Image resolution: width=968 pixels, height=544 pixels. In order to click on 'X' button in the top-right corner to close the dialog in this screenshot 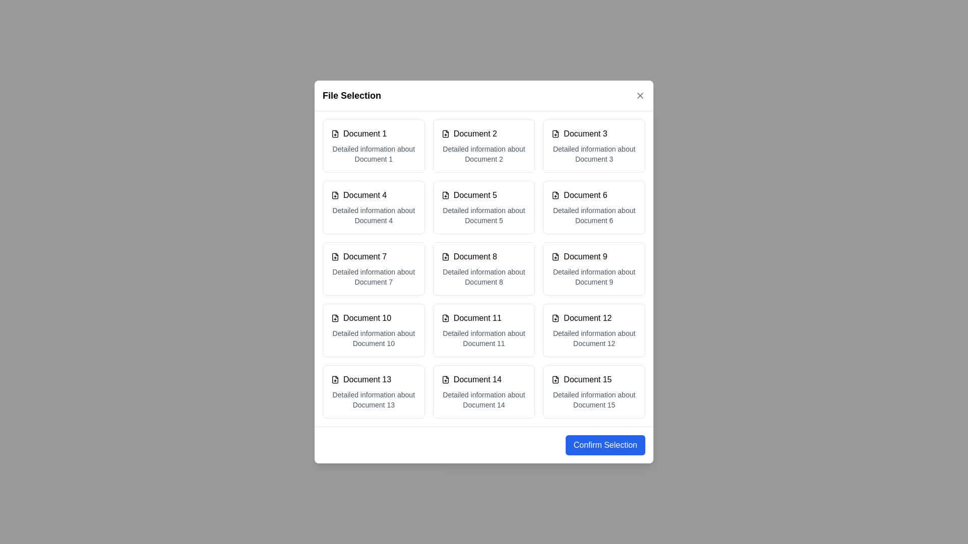, I will do `click(640, 95)`.